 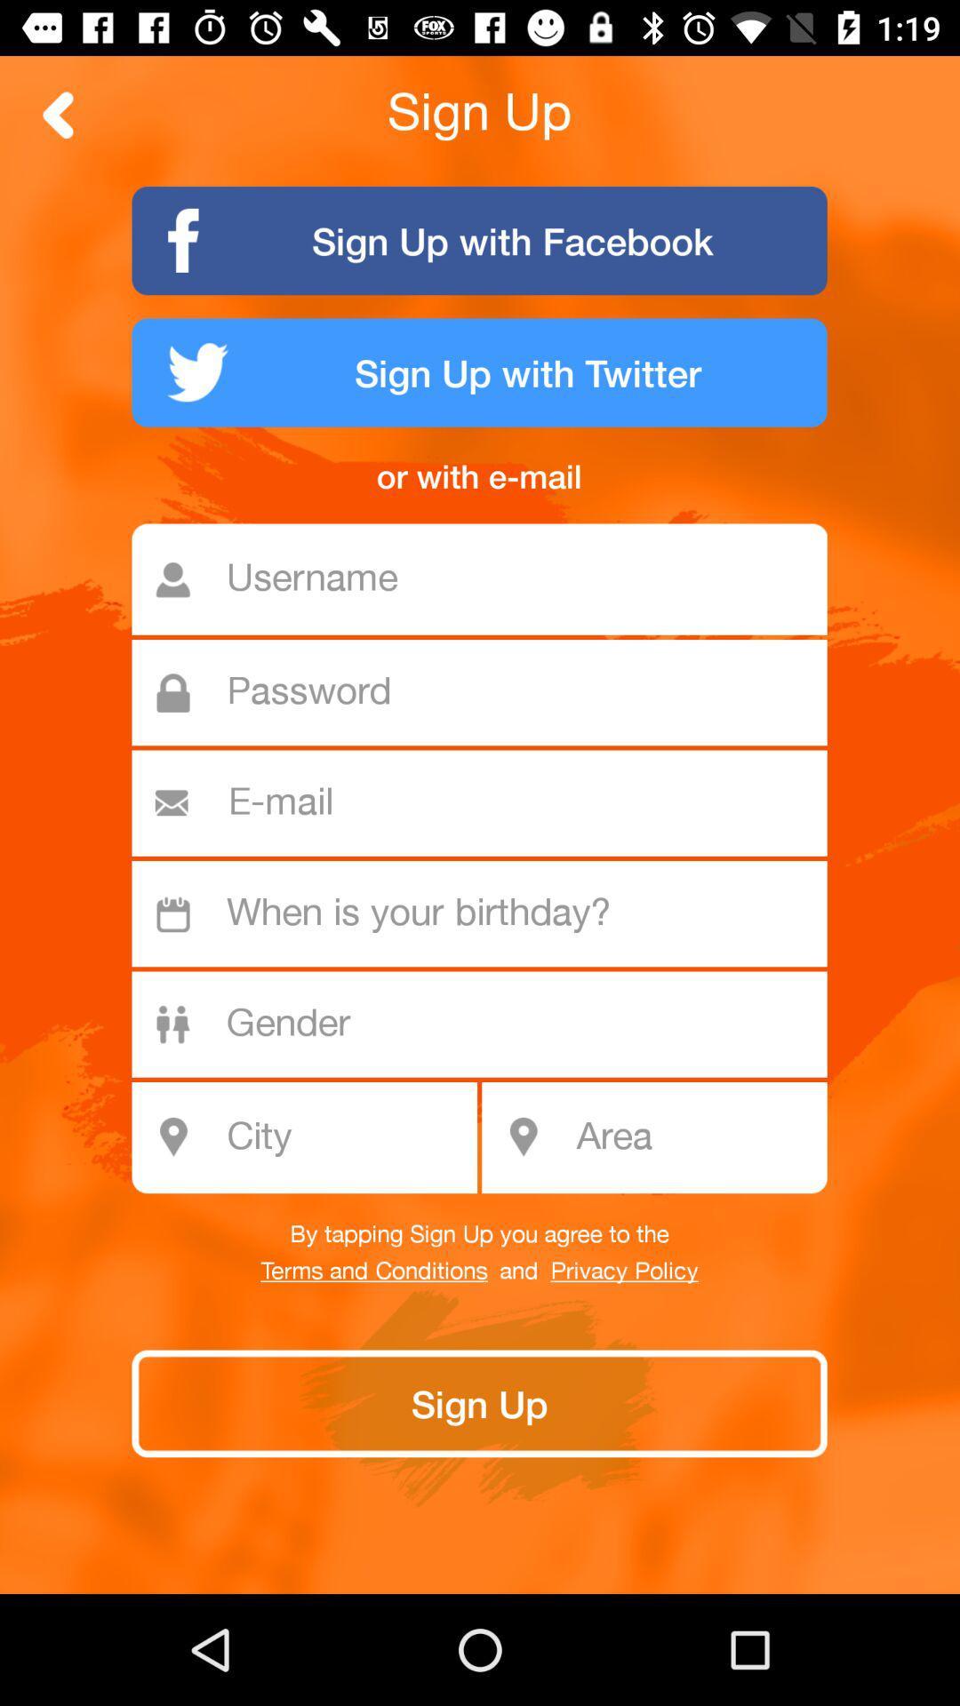 What do you see at coordinates (695, 1137) in the screenshot?
I see `area` at bounding box center [695, 1137].